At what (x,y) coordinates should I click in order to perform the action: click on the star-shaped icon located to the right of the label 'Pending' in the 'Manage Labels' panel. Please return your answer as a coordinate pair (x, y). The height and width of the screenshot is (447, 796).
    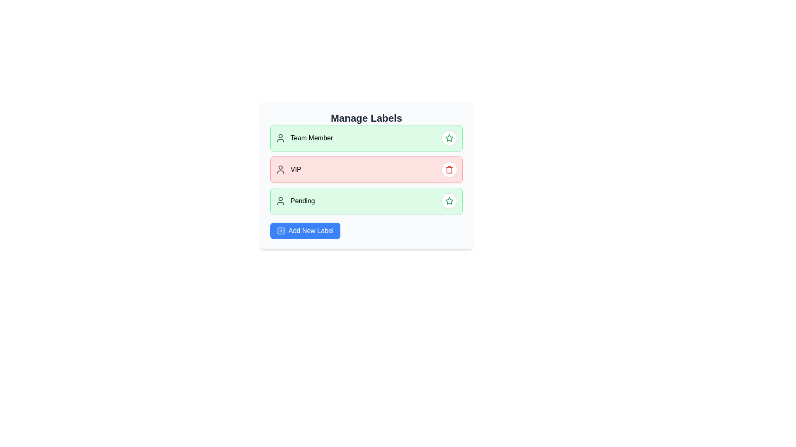
    Looking at the image, I should click on (449, 137).